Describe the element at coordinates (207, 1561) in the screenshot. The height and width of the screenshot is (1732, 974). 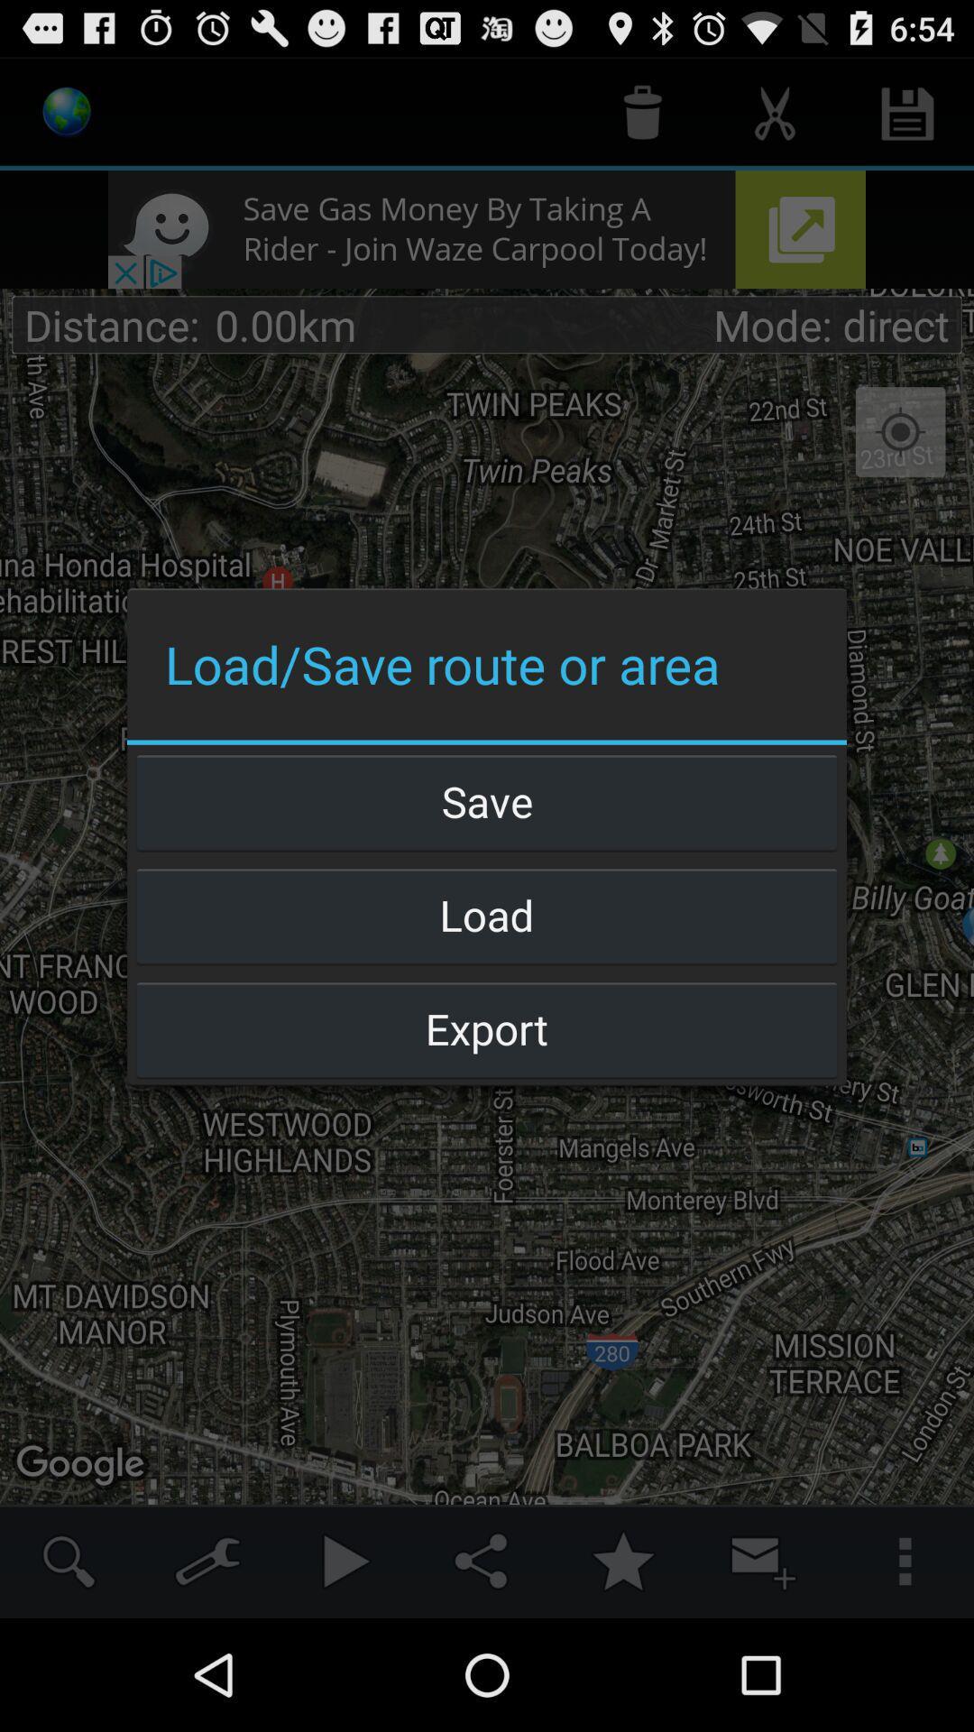
I see `tool button which is after search button` at that location.